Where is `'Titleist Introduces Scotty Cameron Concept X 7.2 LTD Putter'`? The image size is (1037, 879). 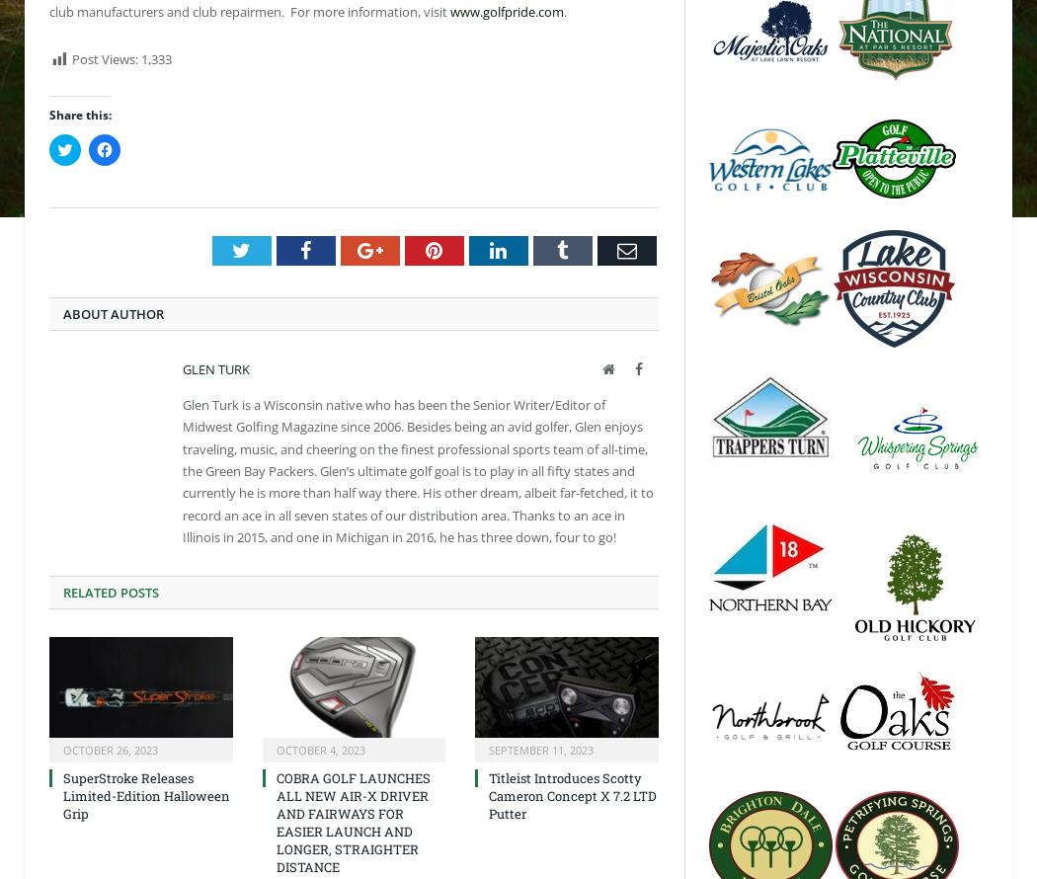 'Titleist Introduces Scotty Cameron Concept X 7.2 LTD Putter' is located at coordinates (487, 795).